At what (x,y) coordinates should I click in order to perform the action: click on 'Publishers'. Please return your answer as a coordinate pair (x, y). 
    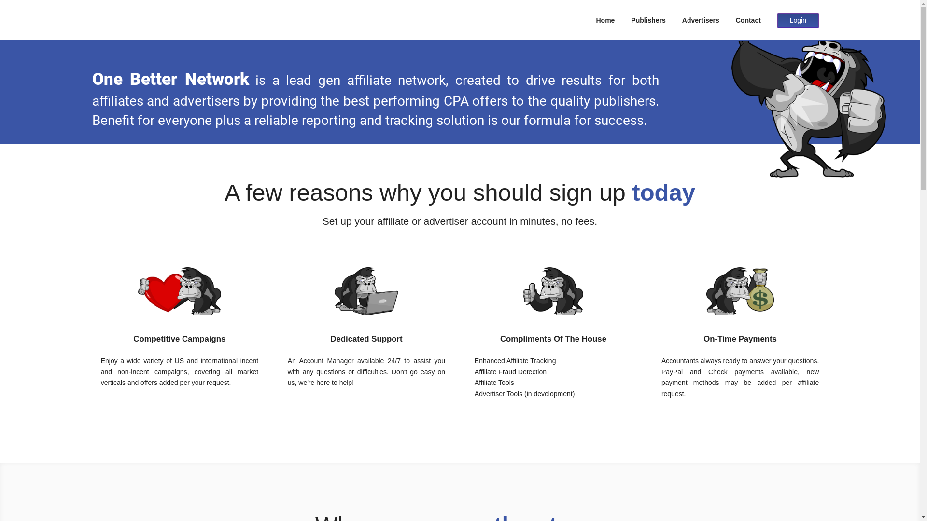
    Looking at the image, I should click on (631, 20).